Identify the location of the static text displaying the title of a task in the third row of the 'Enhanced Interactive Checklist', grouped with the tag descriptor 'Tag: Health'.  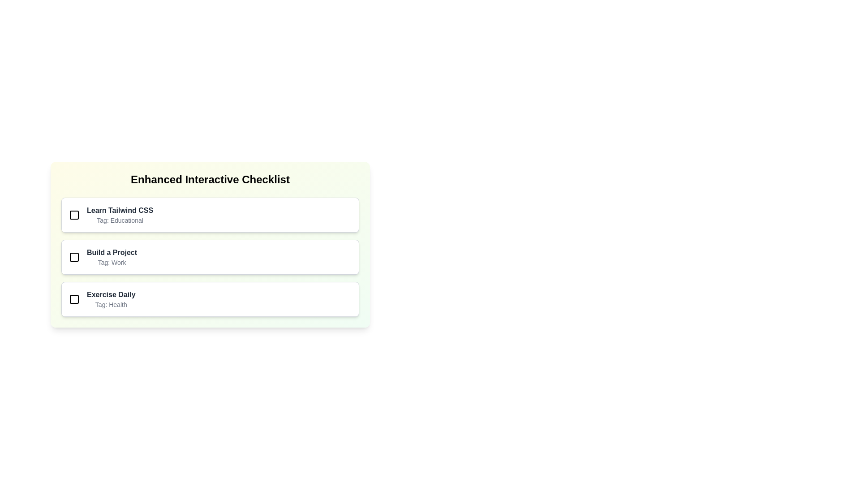
(111, 295).